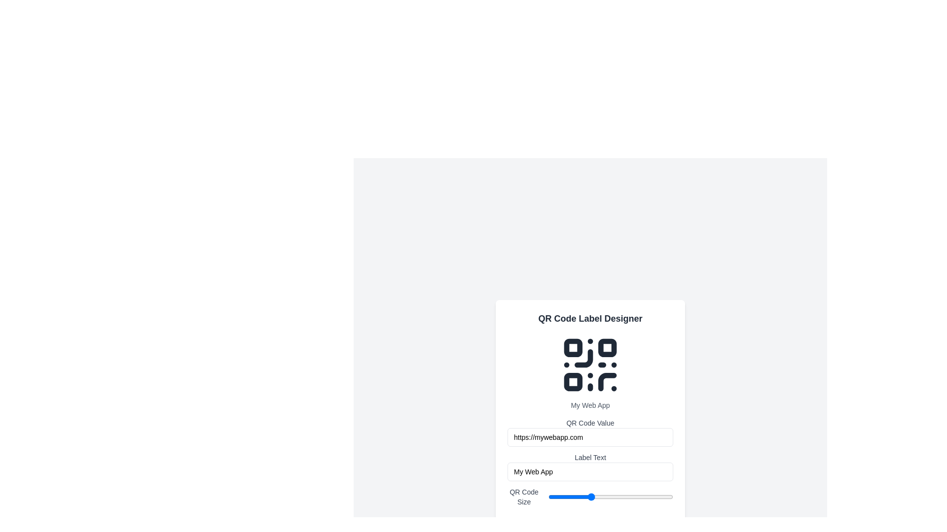 This screenshot has height=532, width=947. I want to click on the QR Code Size, so click(568, 497).